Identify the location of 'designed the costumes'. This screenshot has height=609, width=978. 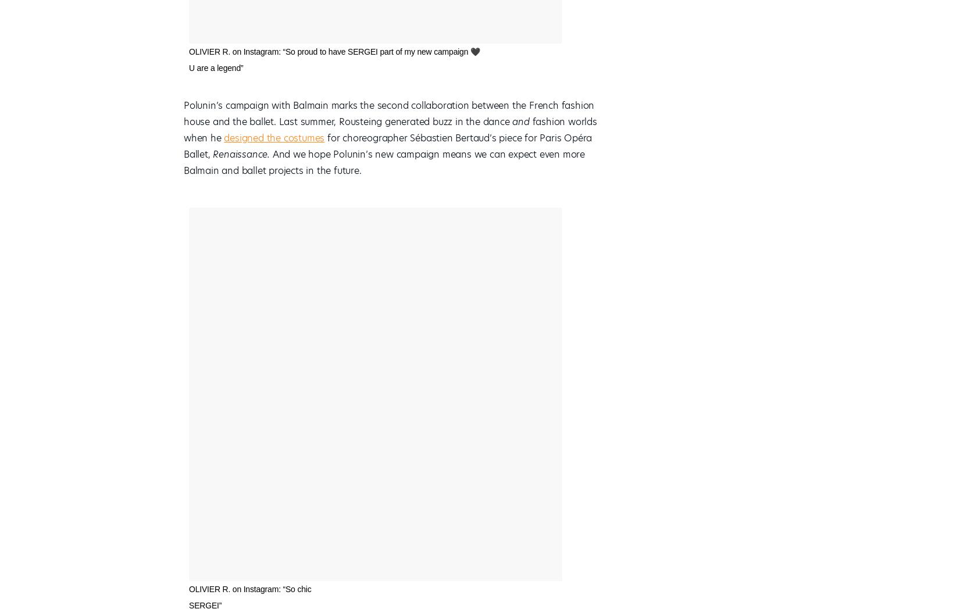
(274, 137).